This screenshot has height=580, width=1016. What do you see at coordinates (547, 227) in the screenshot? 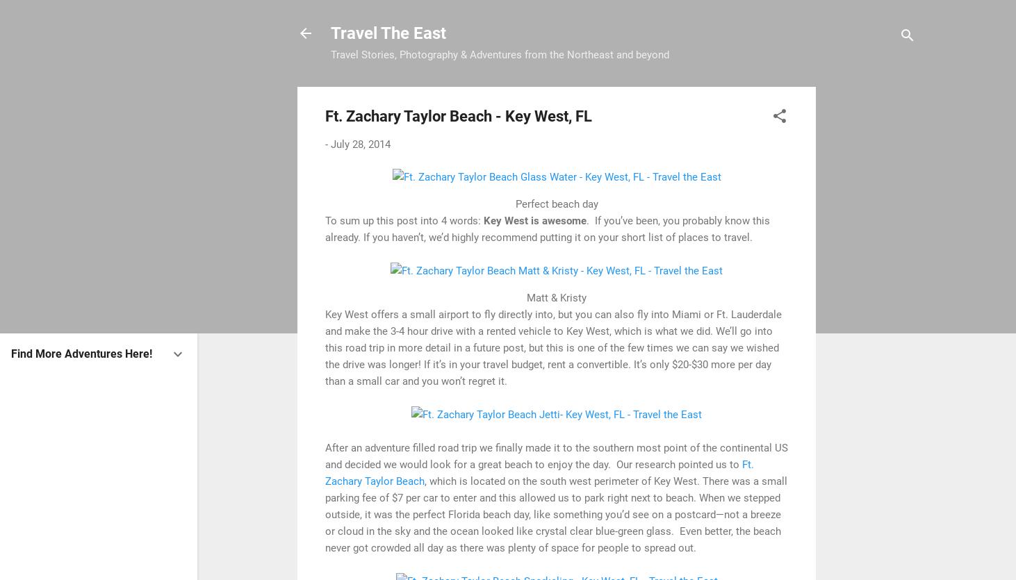
I see `'.  If you’ve been, you probably know this
already. If you haven’t,'` at bounding box center [547, 227].